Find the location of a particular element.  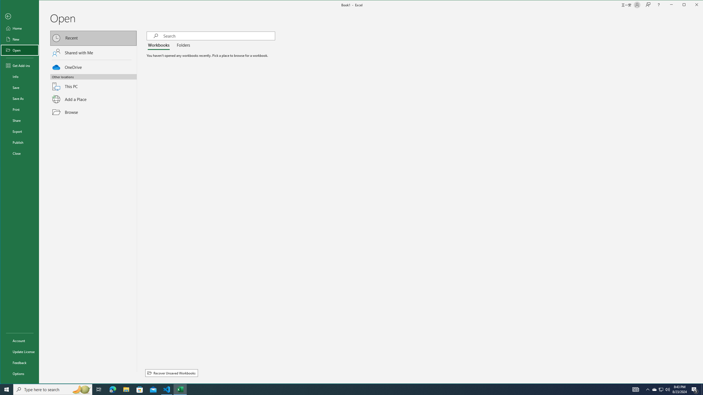

'User Promoted Notification Area' is located at coordinates (660, 389).